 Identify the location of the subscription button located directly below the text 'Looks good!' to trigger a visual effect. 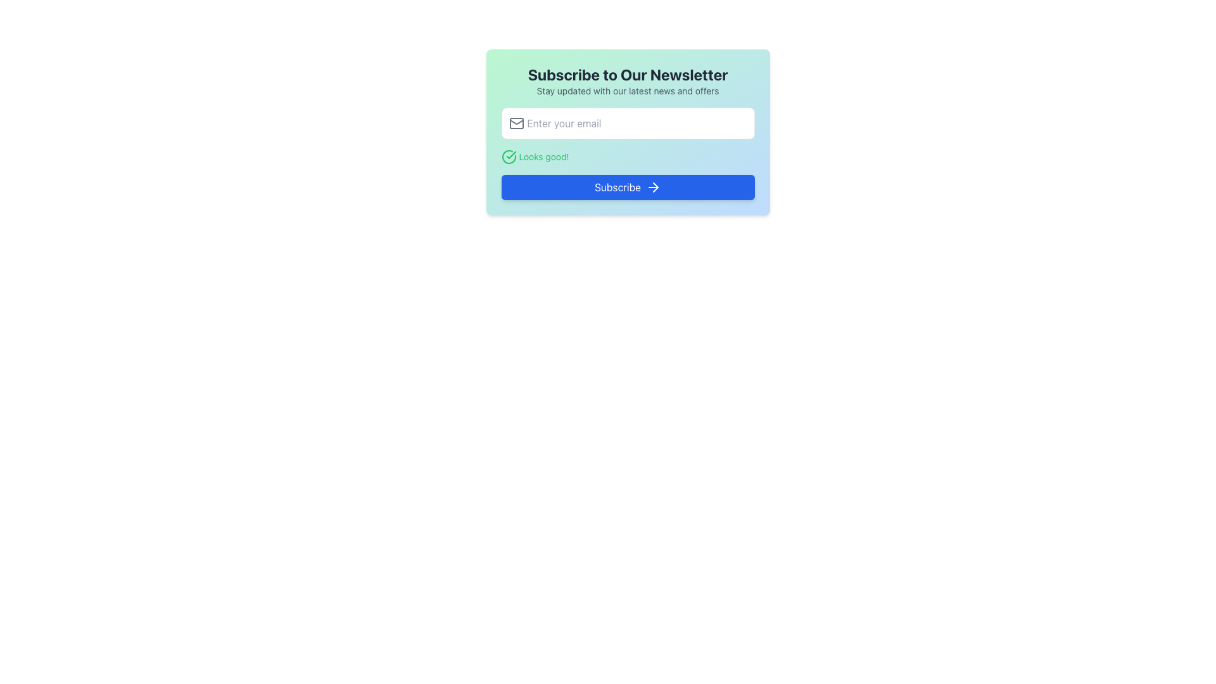
(628, 187).